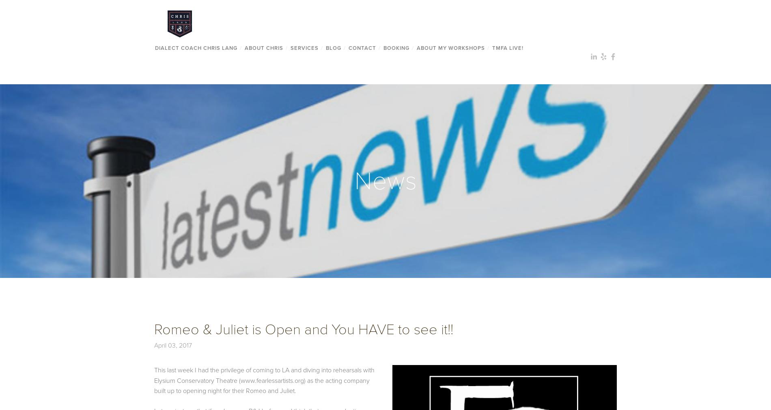 This screenshot has width=771, height=410. I want to click on 'TMFA Live!', so click(507, 47).